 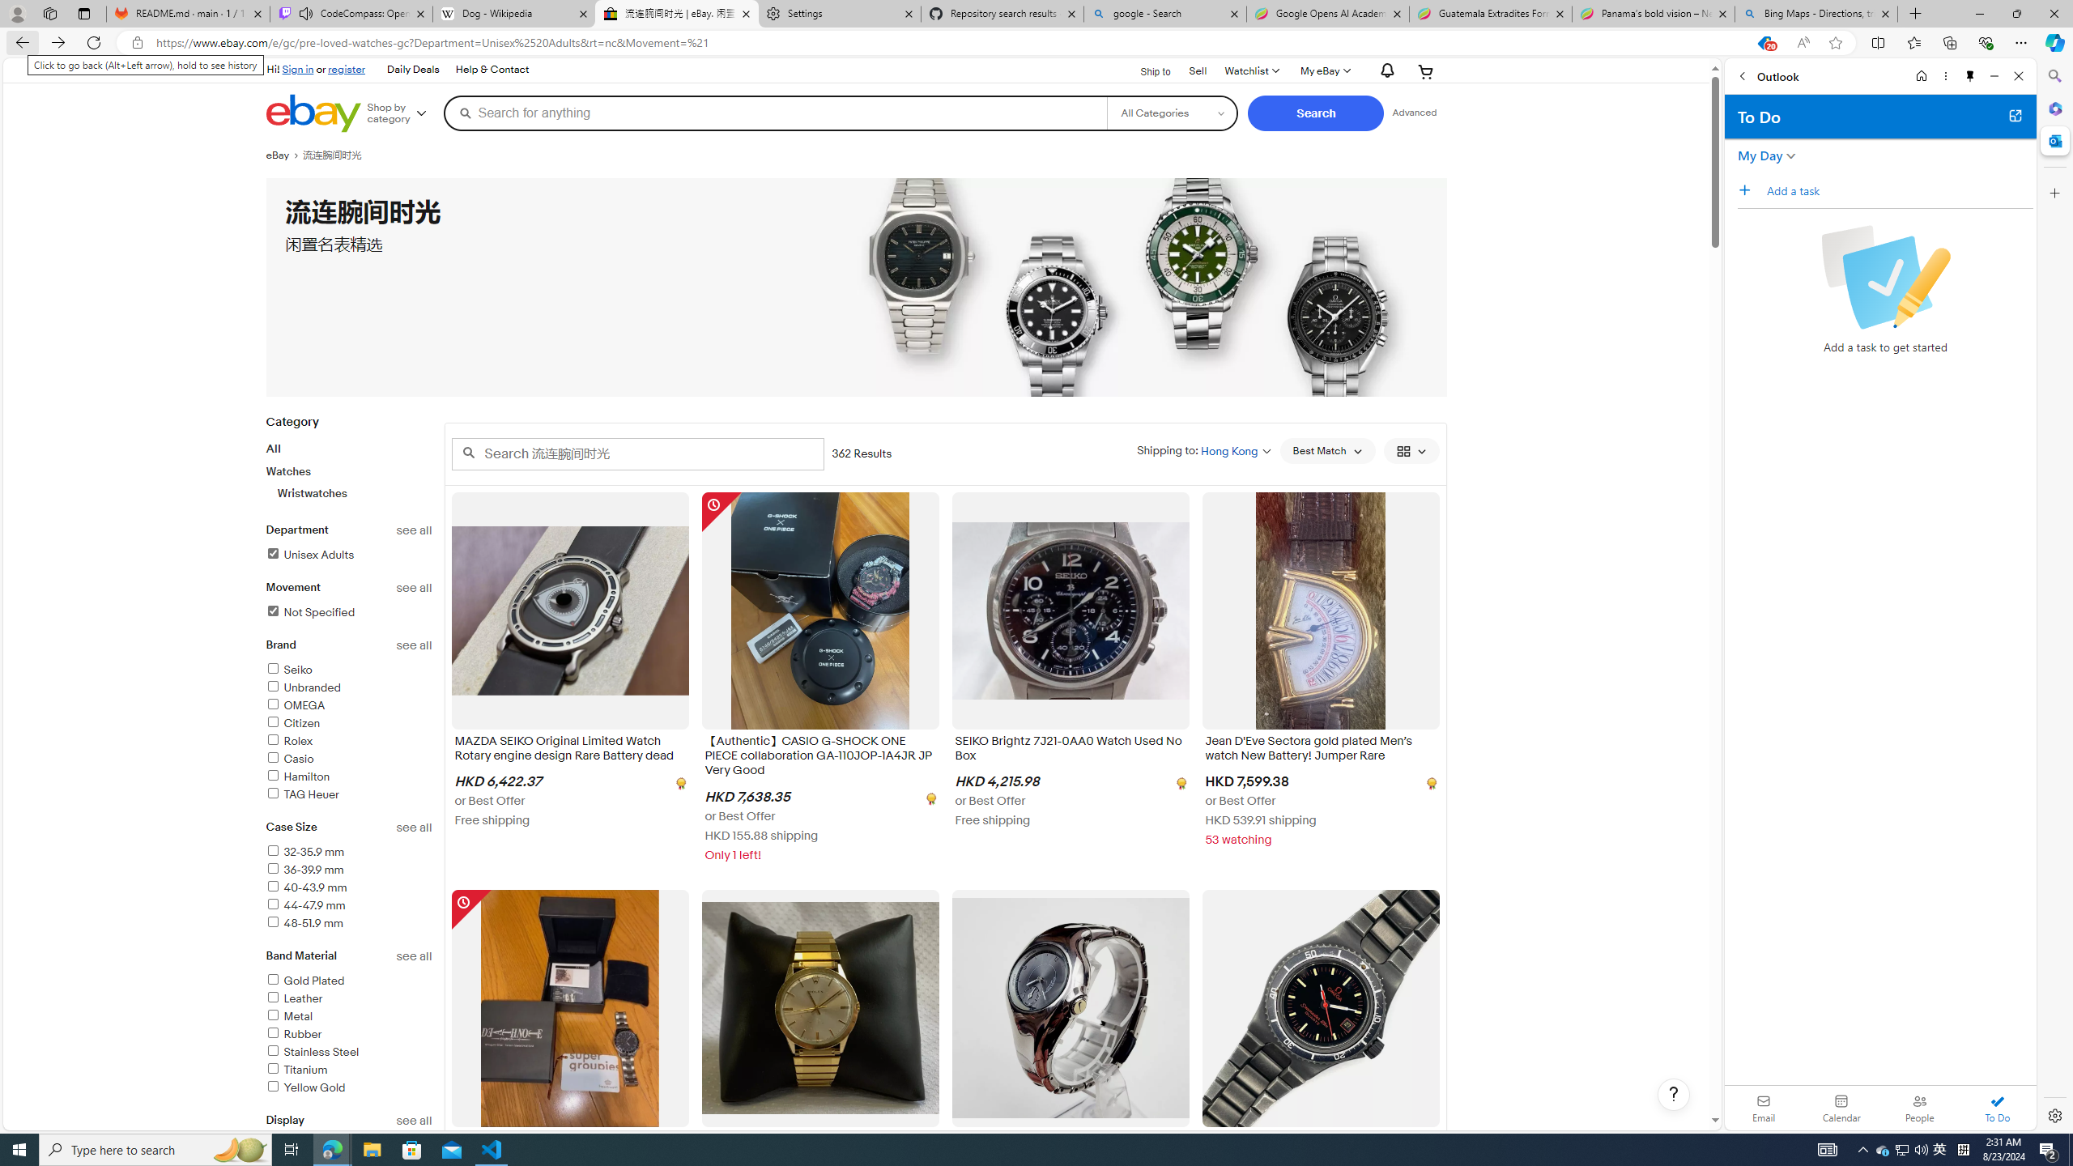 I want to click on 'AutomationID: gh-eb-Alerts', so click(x=1384, y=71).